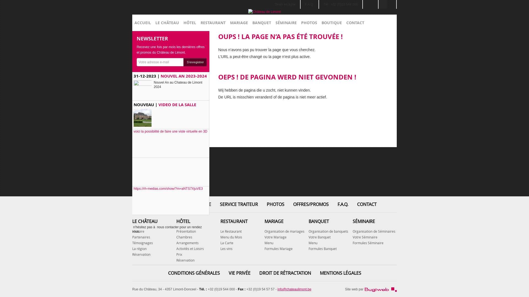  What do you see at coordinates (138, 231) in the screenshot?
I see `'Histoire'` at bounding box center [138, 231].